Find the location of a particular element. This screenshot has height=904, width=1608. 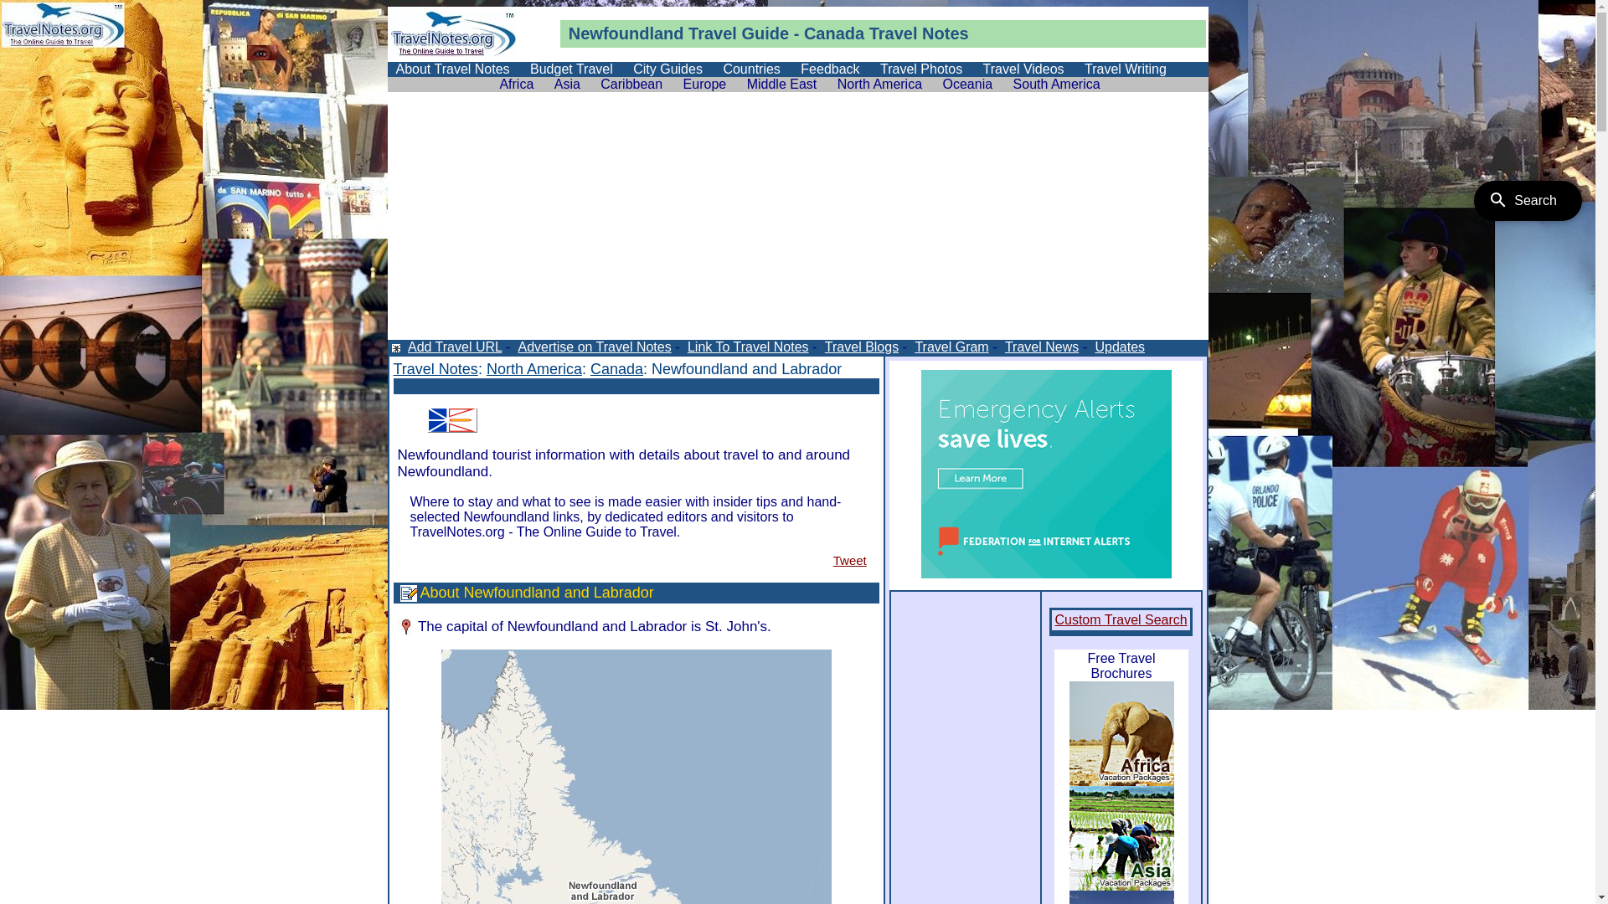

'Custom Travel Search' is located at coordinates (1121, 619).